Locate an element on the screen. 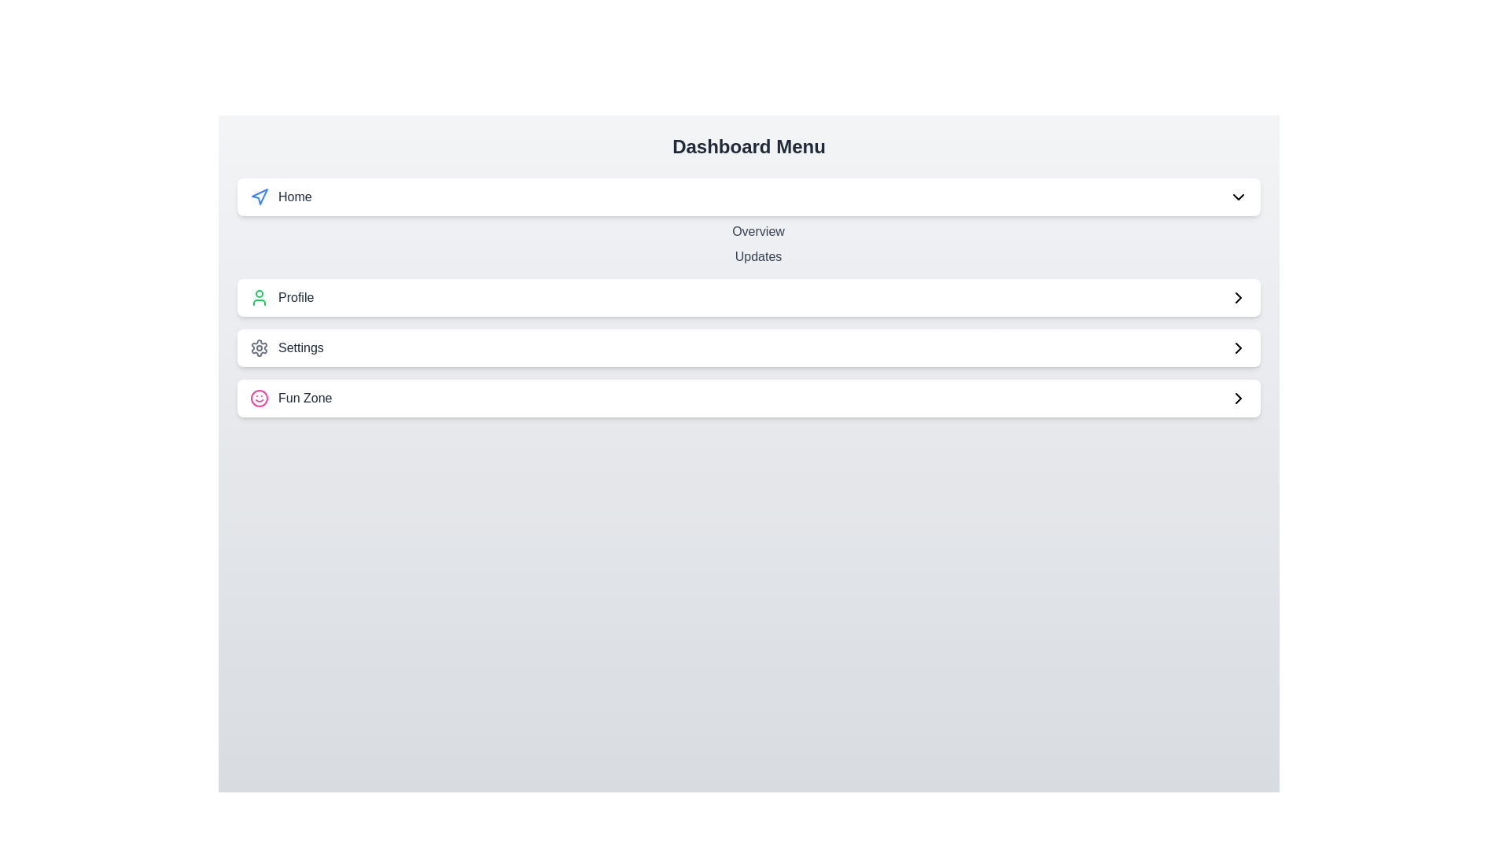  the 'Profile' text label that serves as a navigation element in the vertical navigation list, located to the right of the green user icon is located at coordinates (296, 297).